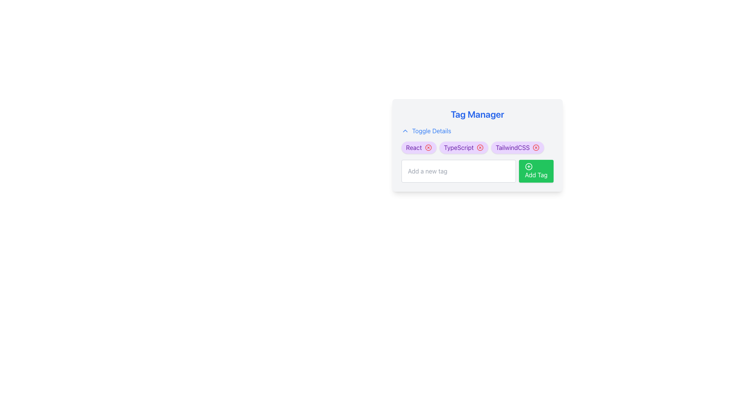  What do you see at coordinates (536, 171) in the screenshot?
I see `the green 'Add Tag' button with a white plus sign icon, which has rounded corners and a shadow effect, indicating it supports drag interactions` at bounding box center [536, 171].